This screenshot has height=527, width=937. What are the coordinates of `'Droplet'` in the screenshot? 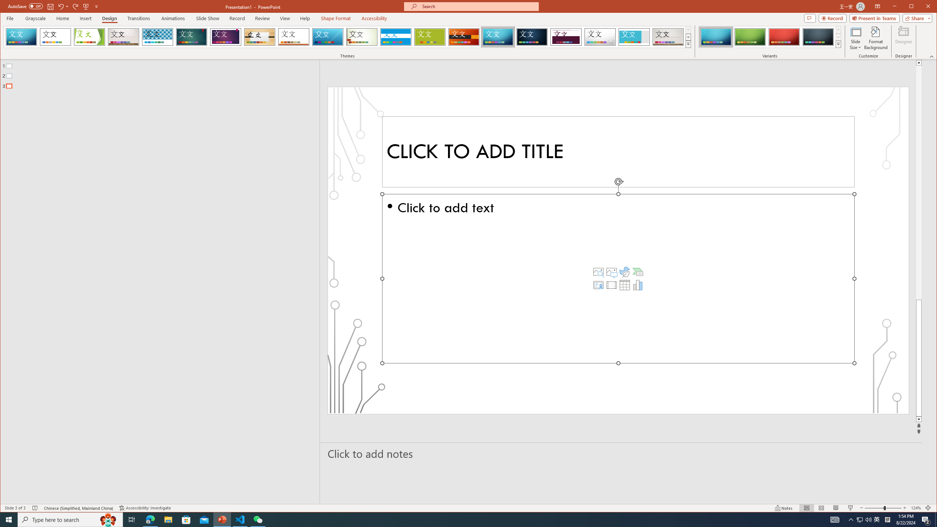 It's located at (600, 37).